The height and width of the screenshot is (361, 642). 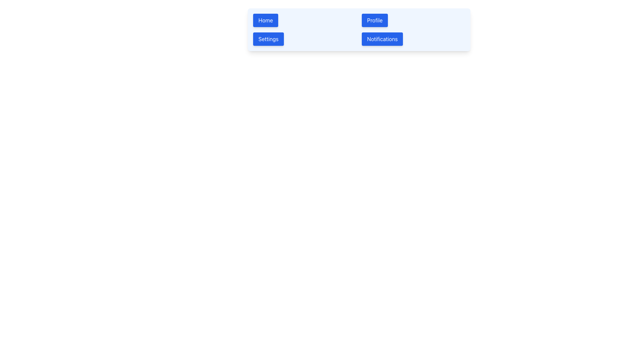 I want to click on the notifications button located at the far-right of the navigational elements, adjacent to the 'Profile' button, so click(x=382, y=39).